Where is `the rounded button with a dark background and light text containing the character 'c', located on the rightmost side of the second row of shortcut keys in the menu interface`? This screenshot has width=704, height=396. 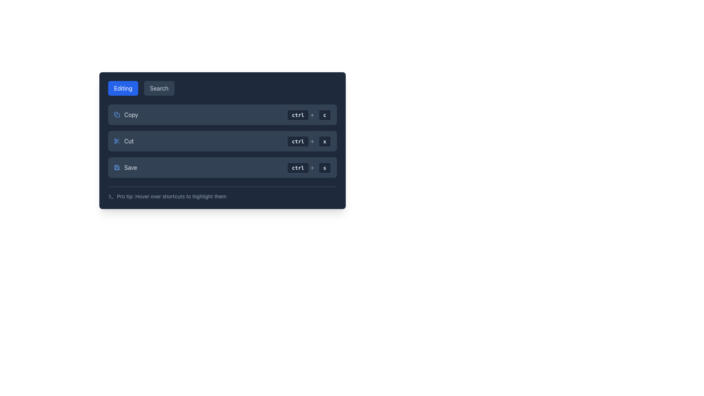 the rounded button with a dark background and light text containing the character 'c', located on the rightmost side of the second row of shortcut keys in the menu interface is located at coordinates (324, 115).